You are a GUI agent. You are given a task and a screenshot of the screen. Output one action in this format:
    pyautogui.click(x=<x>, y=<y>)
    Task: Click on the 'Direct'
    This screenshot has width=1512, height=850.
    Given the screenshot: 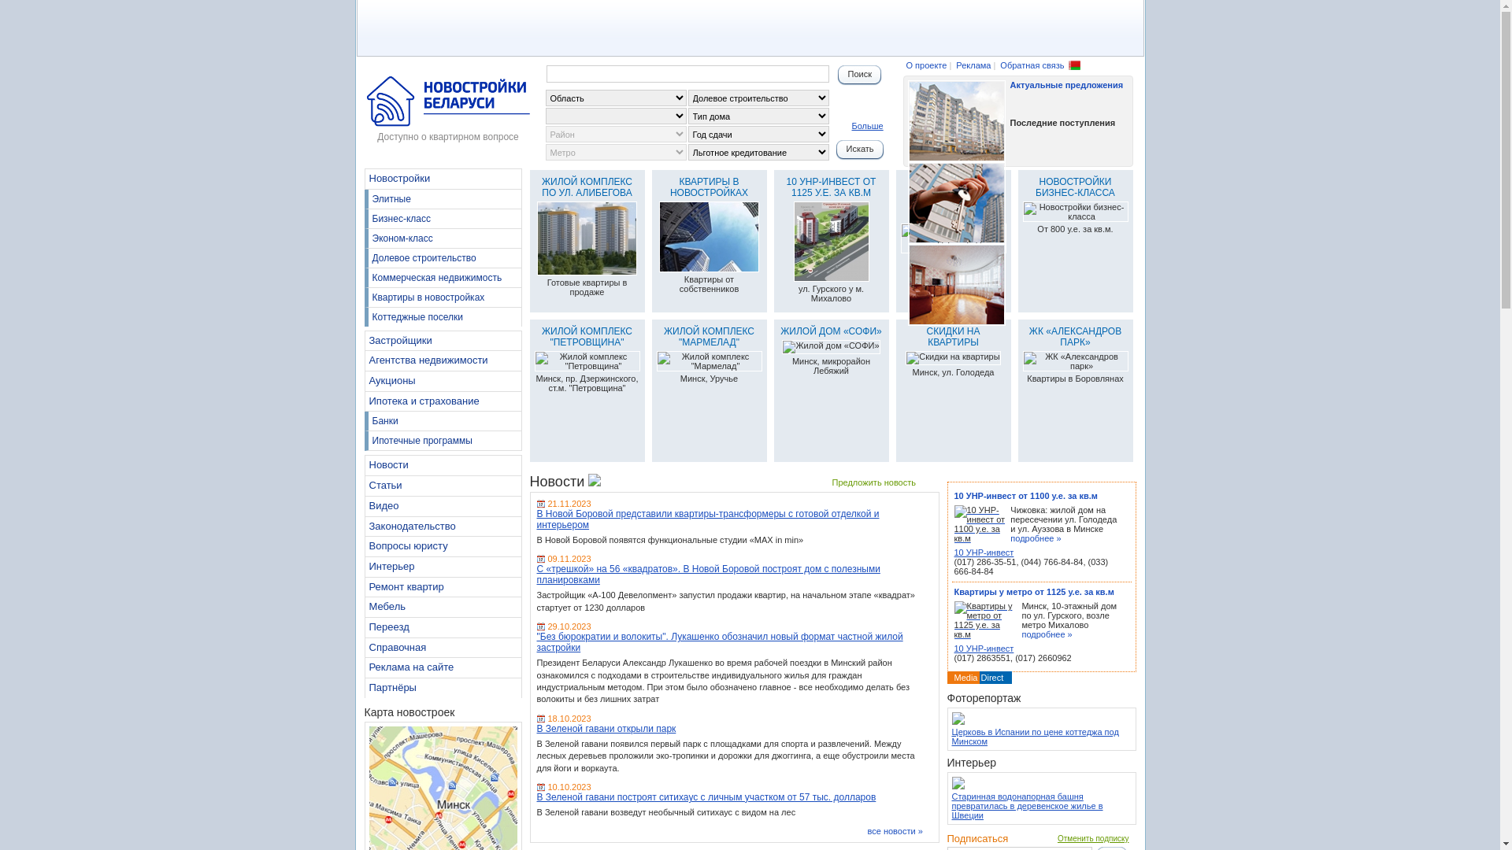 What is the action you would take?
    pyautogui.click(x=980, y=676)
    